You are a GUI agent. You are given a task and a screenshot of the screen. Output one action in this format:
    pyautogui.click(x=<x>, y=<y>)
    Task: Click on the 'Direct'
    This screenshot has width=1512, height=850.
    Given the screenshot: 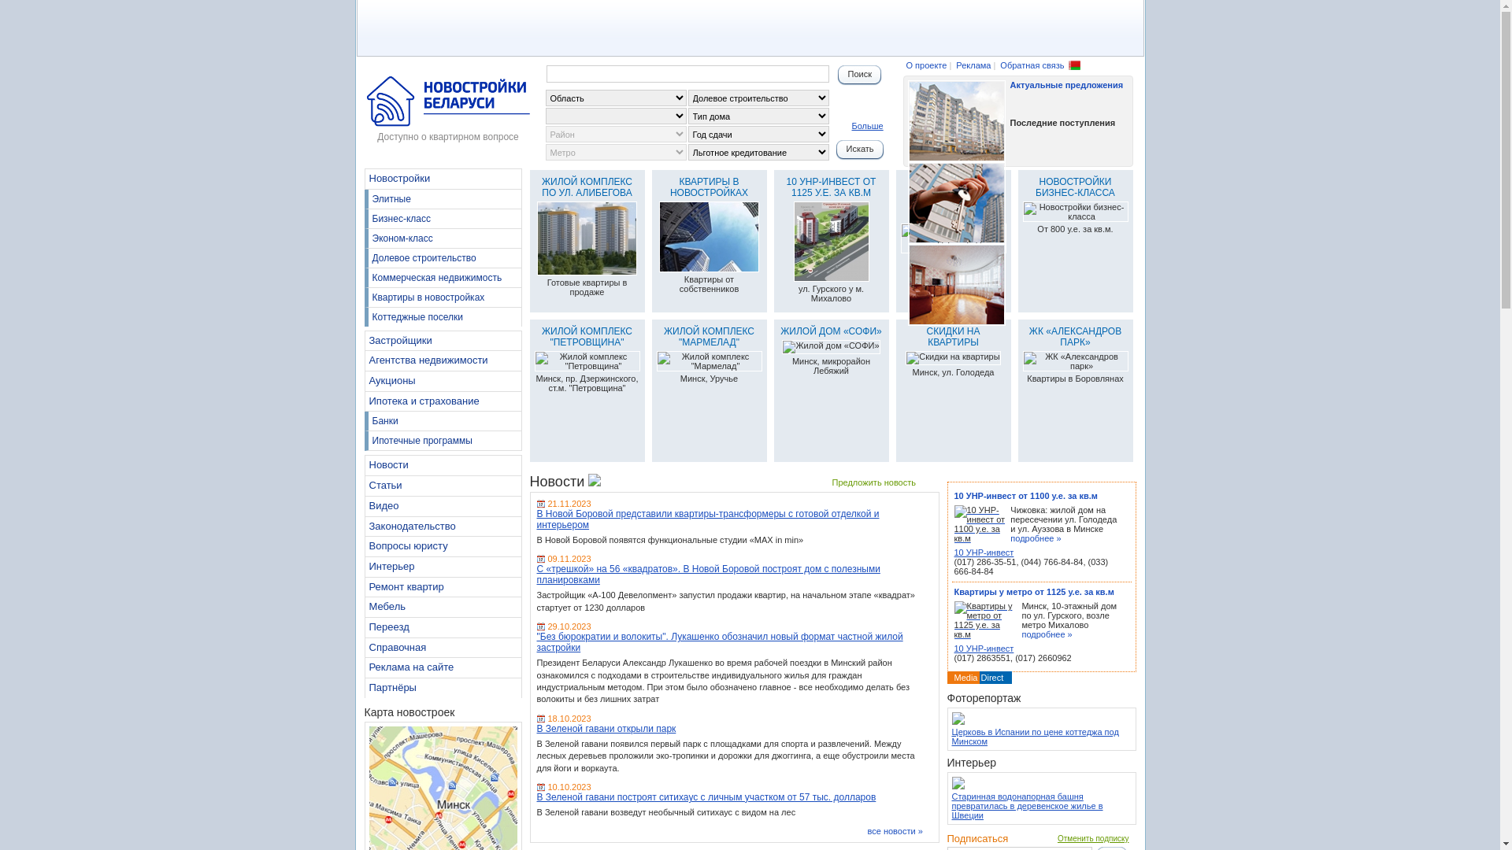 What is the action you would take?
    pyautogui.click(x=980, y=676)
    